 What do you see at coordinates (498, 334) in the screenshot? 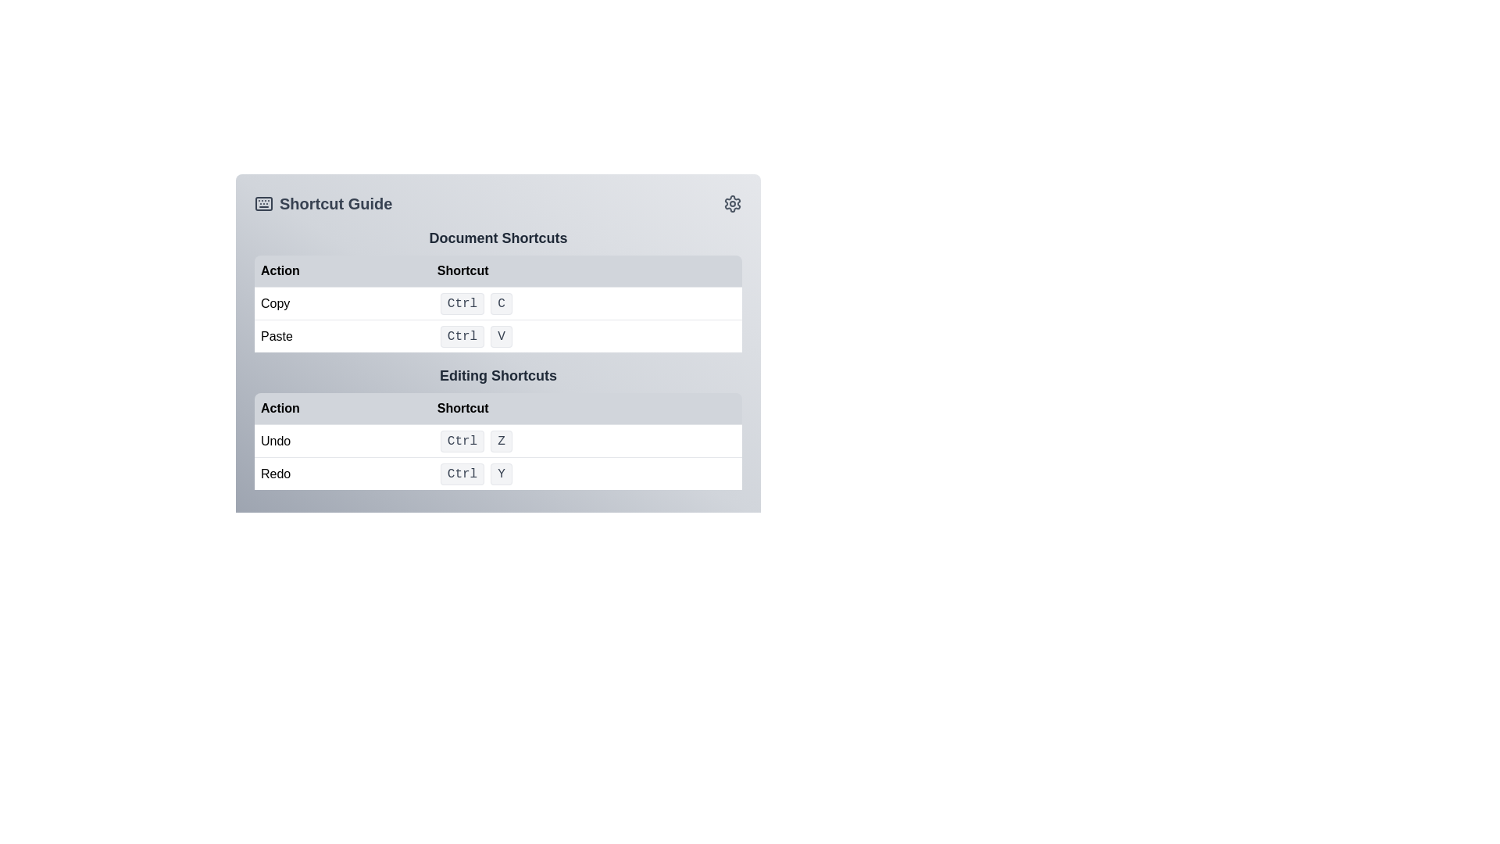
I see `the informational display element that shows 'Paste' with the inline buttons 'Ctrl' and 'V', located in the 'Shortcut Guide' section` at bounding box center [498, 334].